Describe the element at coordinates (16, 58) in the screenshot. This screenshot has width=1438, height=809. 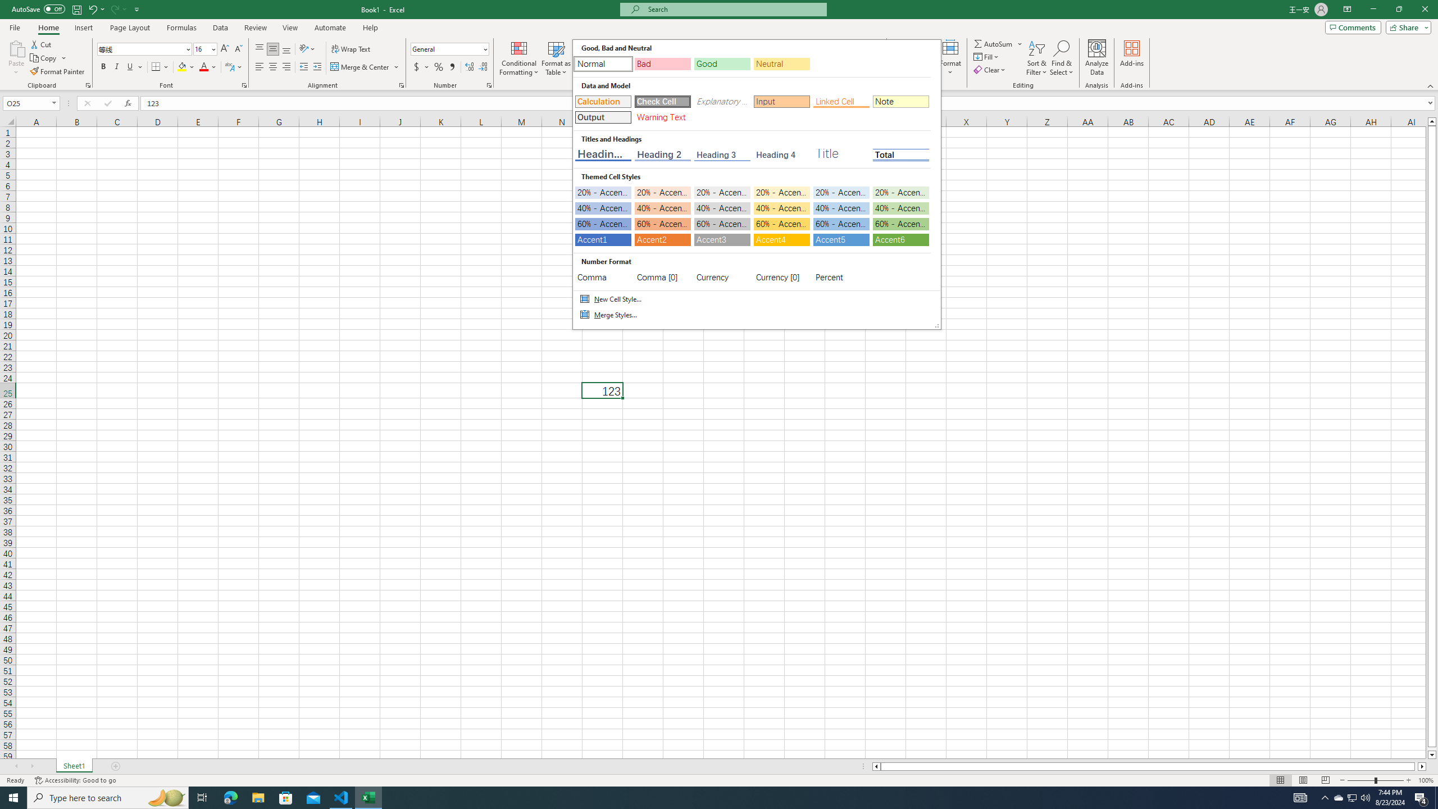
I see `'Paste'` at that location.